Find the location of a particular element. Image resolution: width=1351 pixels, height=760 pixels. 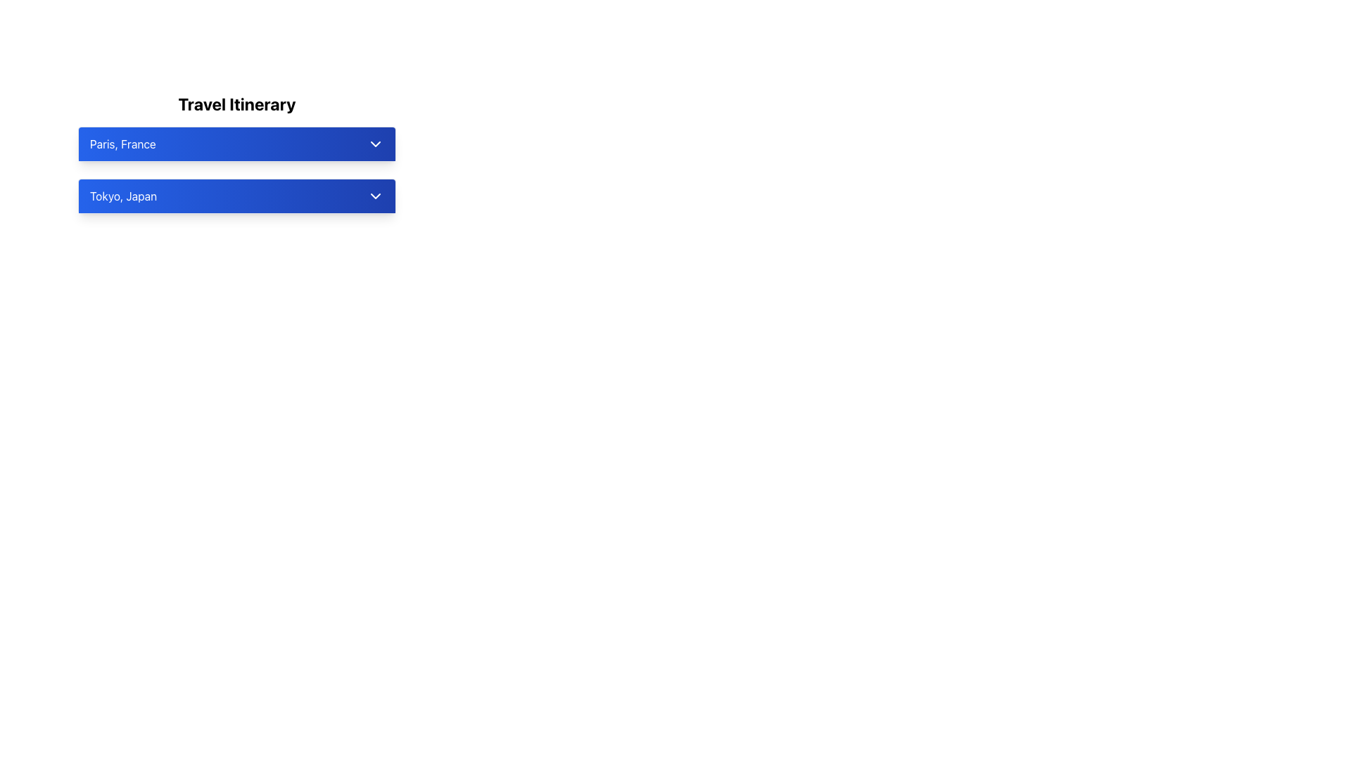

the Dropdown selector button labeled 'Paris, France' is located at coordinates (236, 144).